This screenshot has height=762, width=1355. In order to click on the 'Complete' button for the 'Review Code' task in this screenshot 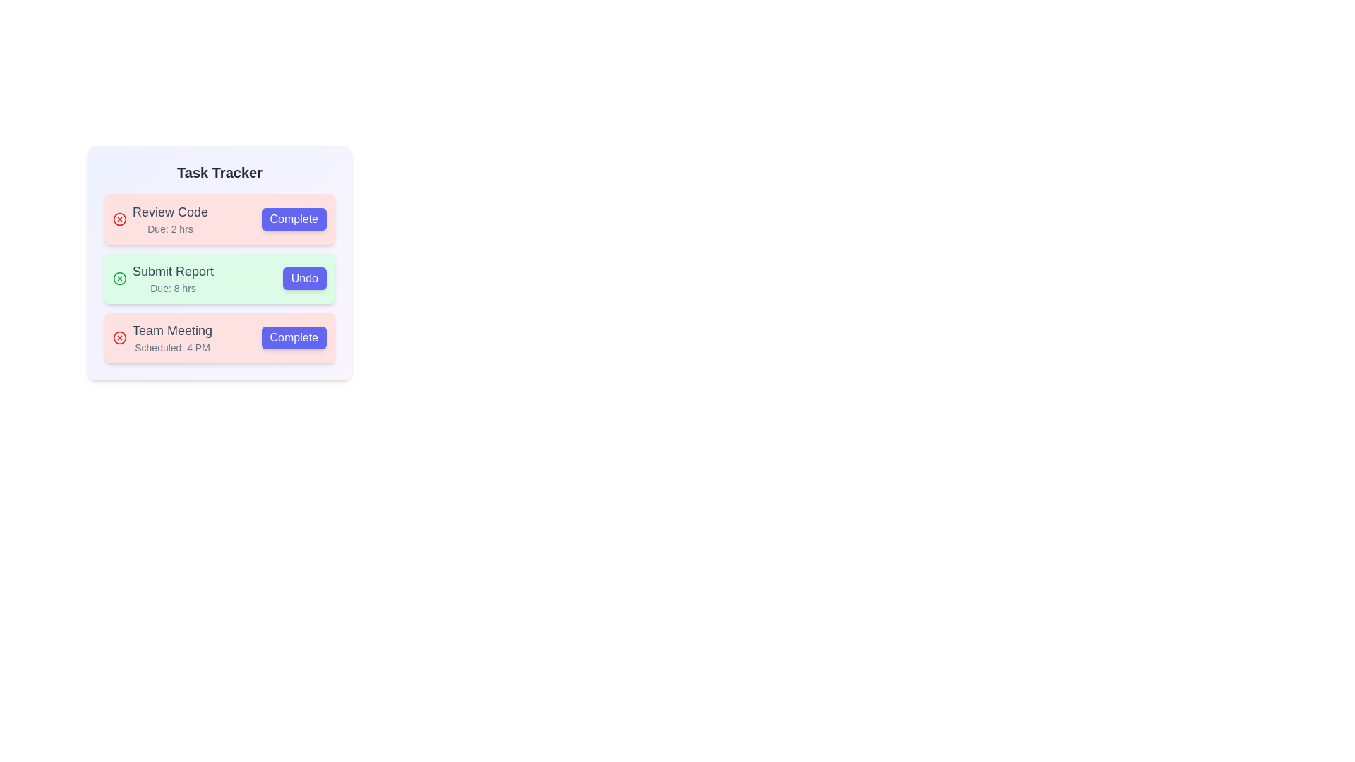, I will do `click(293, 219)`.